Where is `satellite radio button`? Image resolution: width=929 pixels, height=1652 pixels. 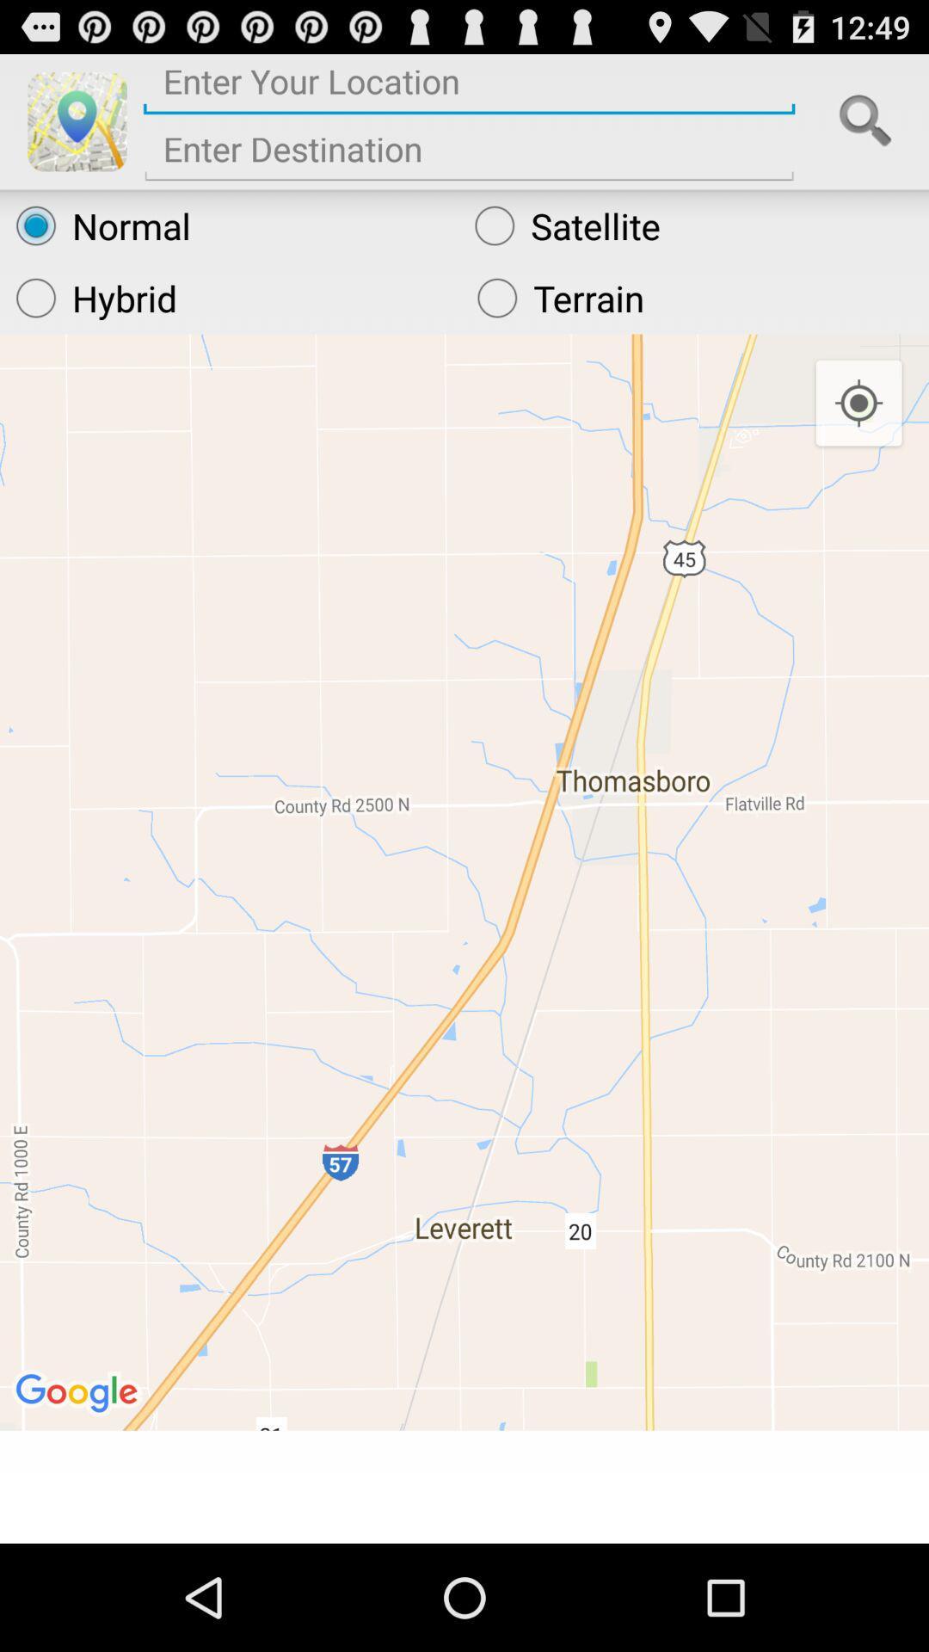
satellite radio button is located at coordinates (692, 225).